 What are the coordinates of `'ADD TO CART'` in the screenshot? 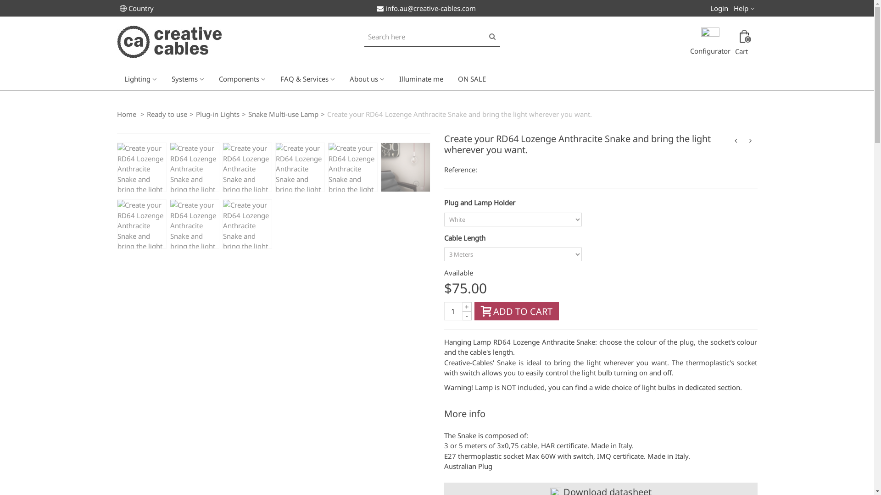 It's located at (517, 310).